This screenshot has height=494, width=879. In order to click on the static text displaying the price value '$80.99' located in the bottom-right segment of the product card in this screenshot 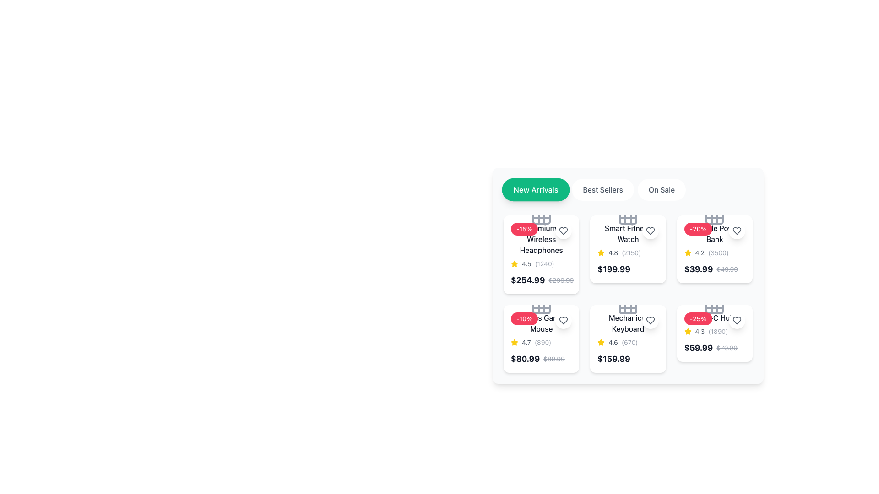, I will do `click(525, 359)`.